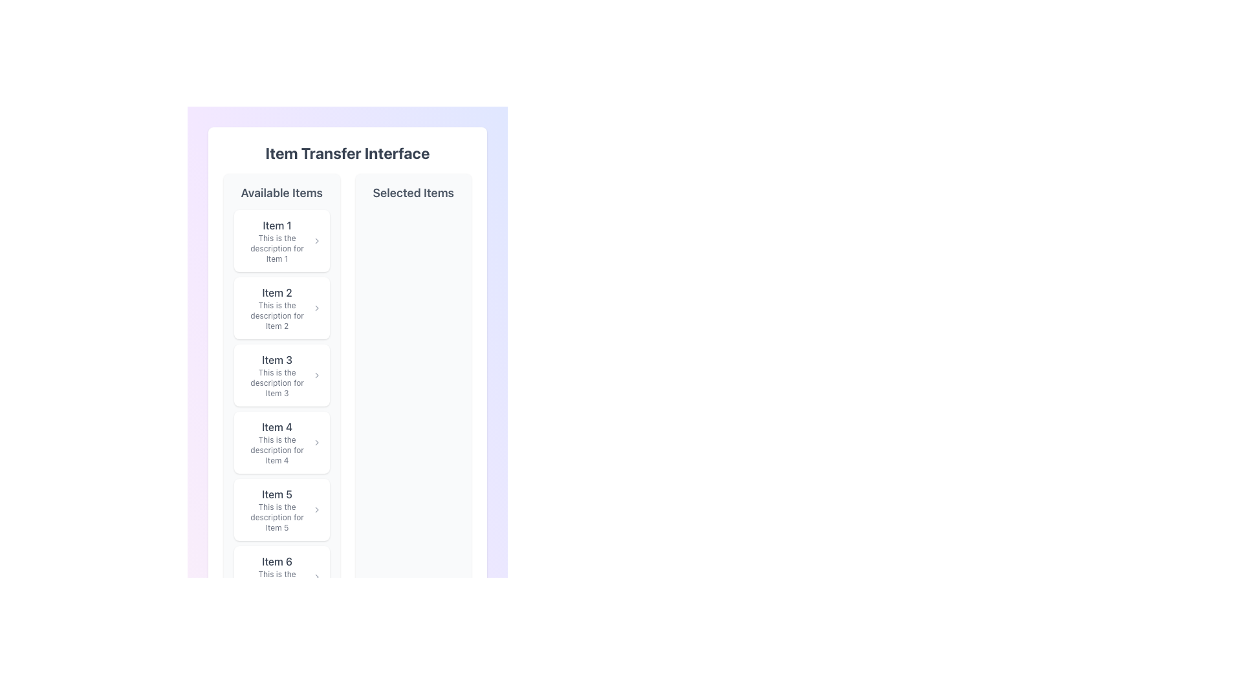 Image resolution: width=1242 pixels, height=698 pixels. I want to click on the third item in the 'Available Items' list, so click(276, 375).